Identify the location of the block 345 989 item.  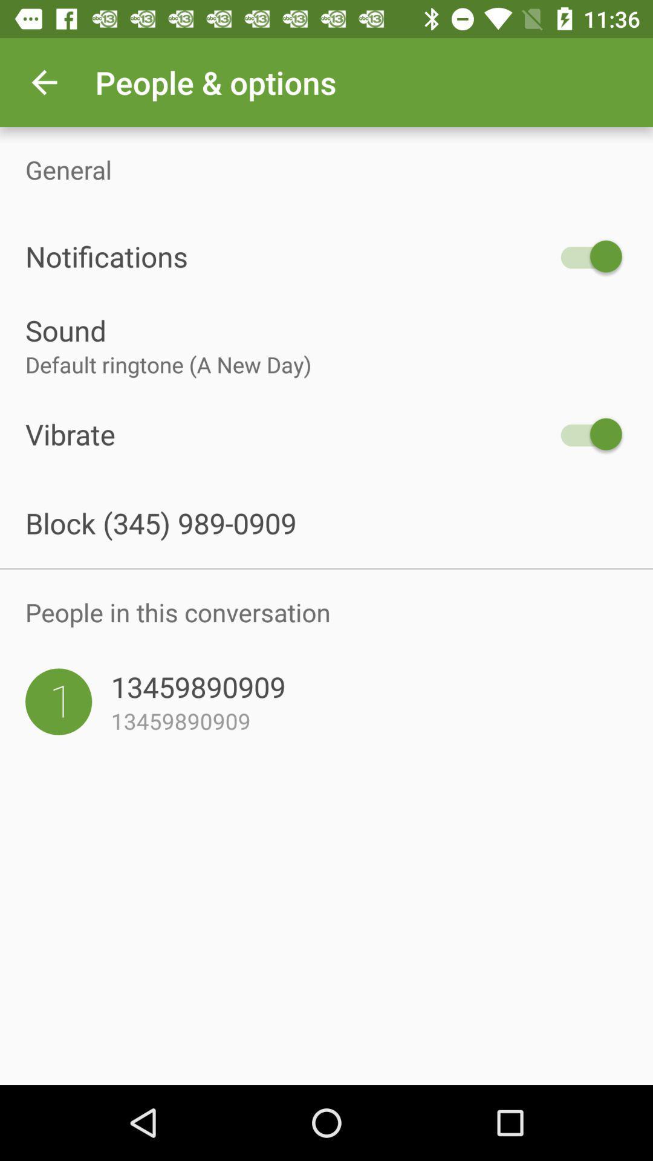
(326, 523).